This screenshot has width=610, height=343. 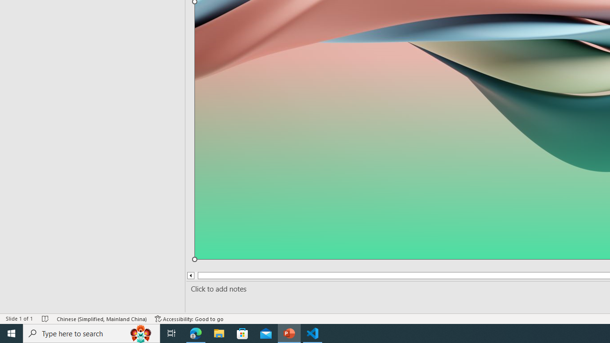 What do you see at coordinates (189, 319) in the screenshot?
I see `'Accessibility Checker Accessibility: Good to go'` at bounding box center [189, 319].